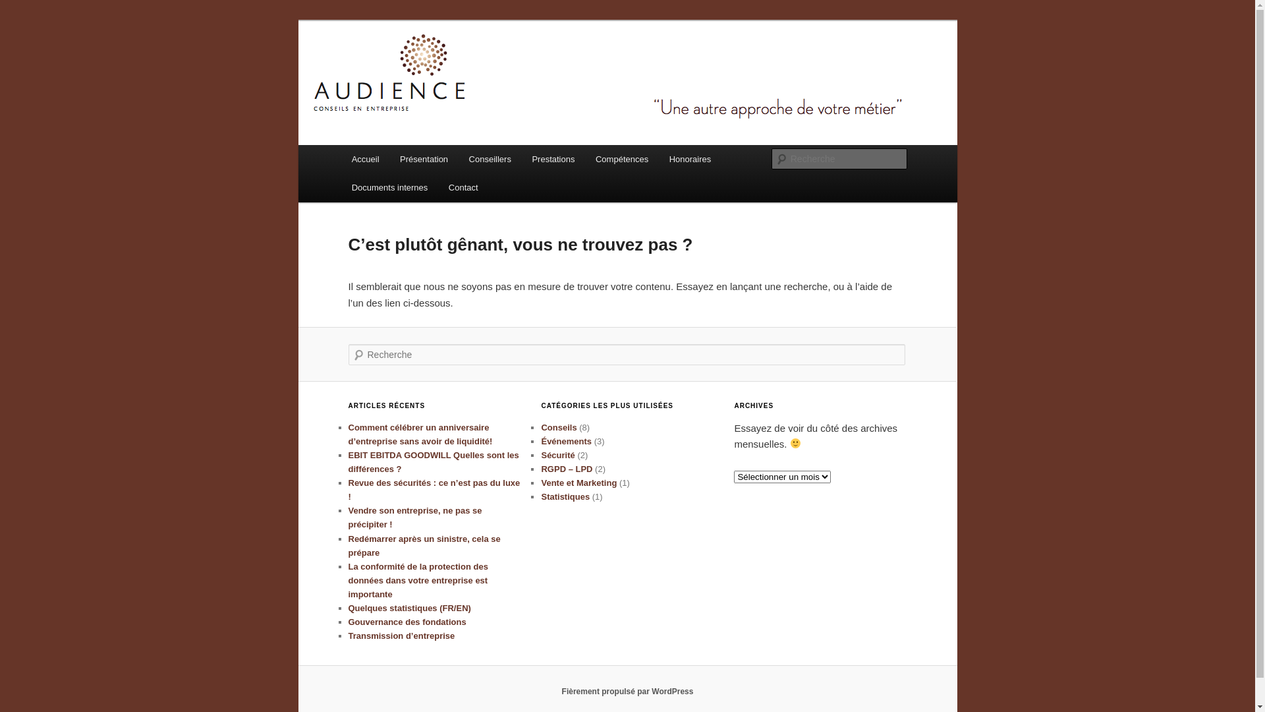 The height and width of the screenshot is (712, 1265). I want to click on 'Quelques statistiques (FR/EN)', so click(408, 608).